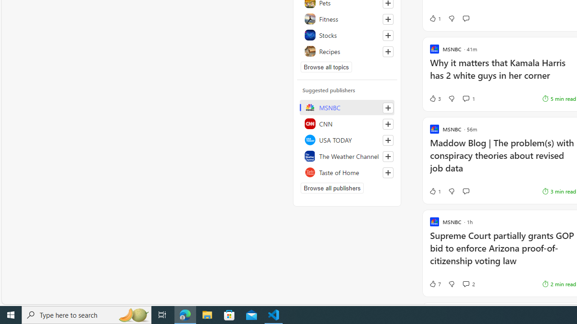 The height and width of the screenshot is (324, 577). What do you see at coordinates (388, 51) in the screenshot?
I see `'Follow this topic'` at bounding box center [388, 51].